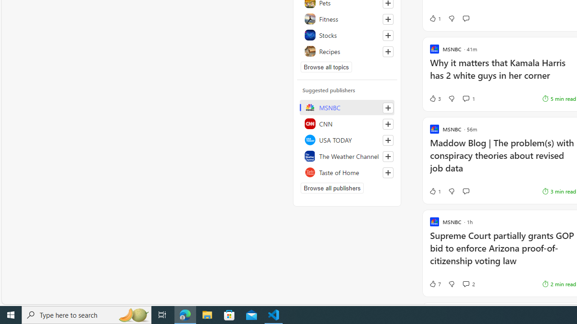 The height and width of the screenshot is (324, 577). What do you see at coordinates (388, 51) in the screenshot?
I see `'Follow this topic'` at bounding box center [388, 51].